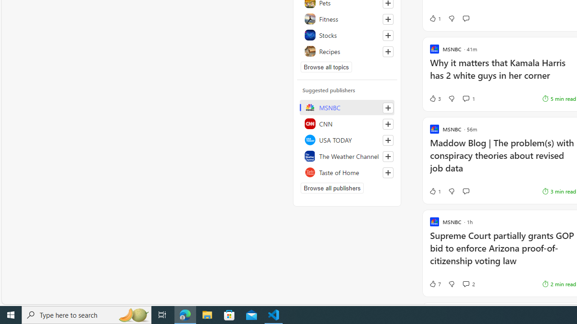 The height and width of the screenshot is (324, 577). What do you see at coordinates (388, 51) in the screenshot?
I see `'Follow this topic'` at bounding box center [388, 51].